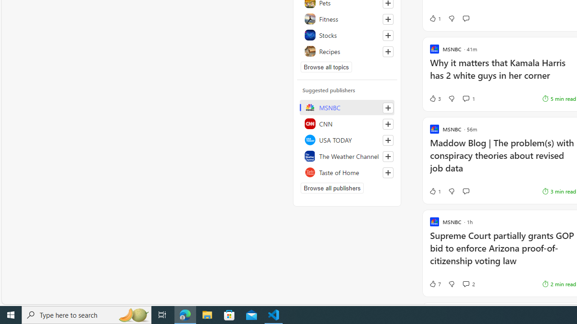 The height and width of the screenshot is (324, 577). What do you see at coordinates (388, 51) in the screenshot?
I see `'Follow this topic'` at bounding box center [388, 51].